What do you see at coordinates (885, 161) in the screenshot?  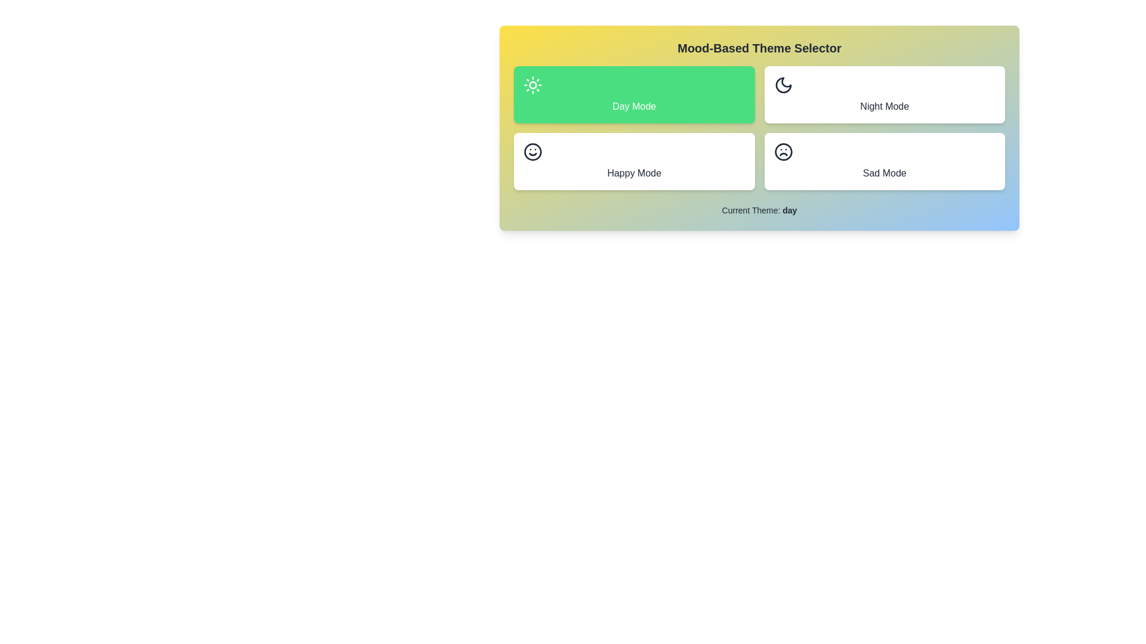 I see `the theme sad by clicking on its corresponding button` at bounding box center [885, 161].